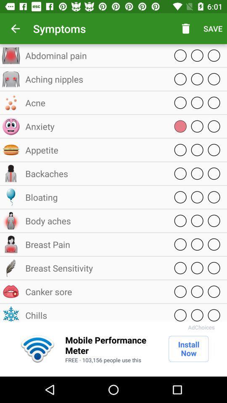  I want to click on breast pain item, so click(94, 244).